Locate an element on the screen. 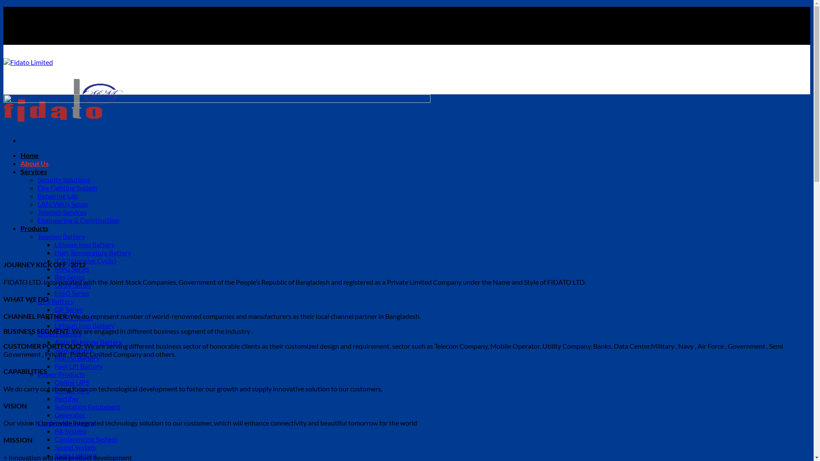  'Conferencing System' is located at coordinates (54, 439).